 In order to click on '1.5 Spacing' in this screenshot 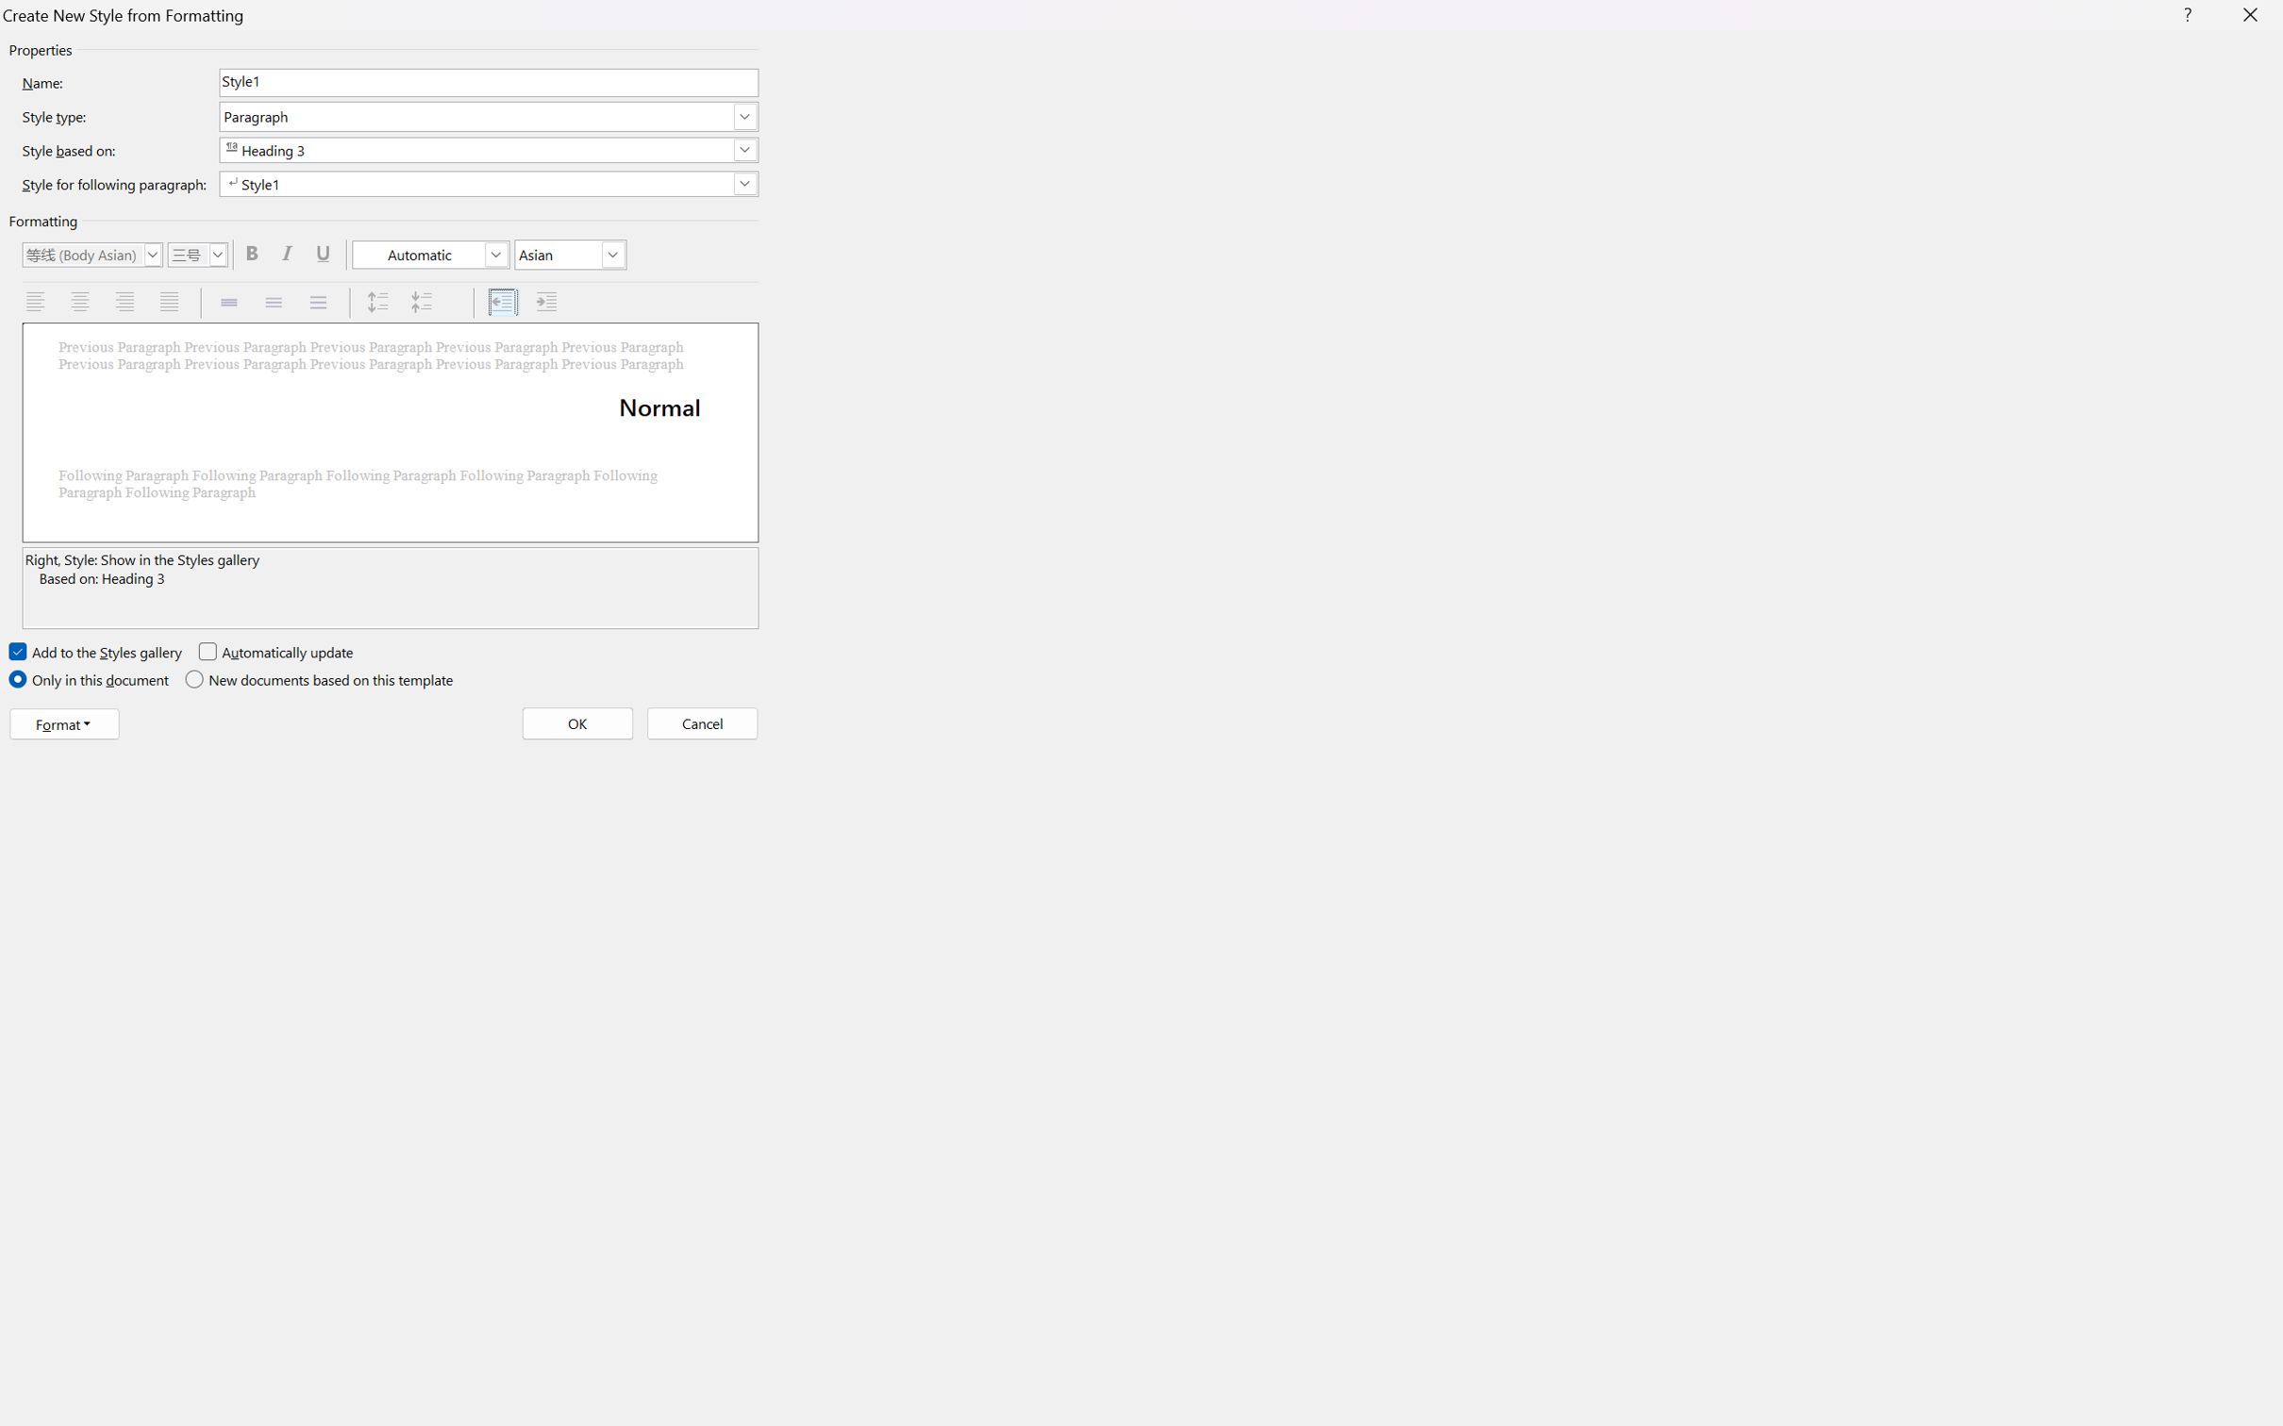, I will do `click(275, 302)`.